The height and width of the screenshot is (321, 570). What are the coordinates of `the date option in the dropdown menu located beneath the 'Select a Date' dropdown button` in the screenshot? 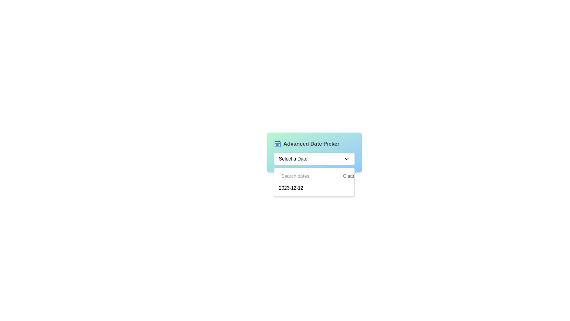 It's located at (314, 182).